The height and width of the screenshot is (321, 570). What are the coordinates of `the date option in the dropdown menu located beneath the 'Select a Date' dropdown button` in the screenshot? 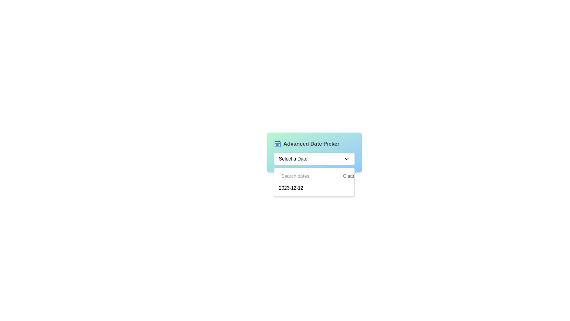 It's located at (314, 182).